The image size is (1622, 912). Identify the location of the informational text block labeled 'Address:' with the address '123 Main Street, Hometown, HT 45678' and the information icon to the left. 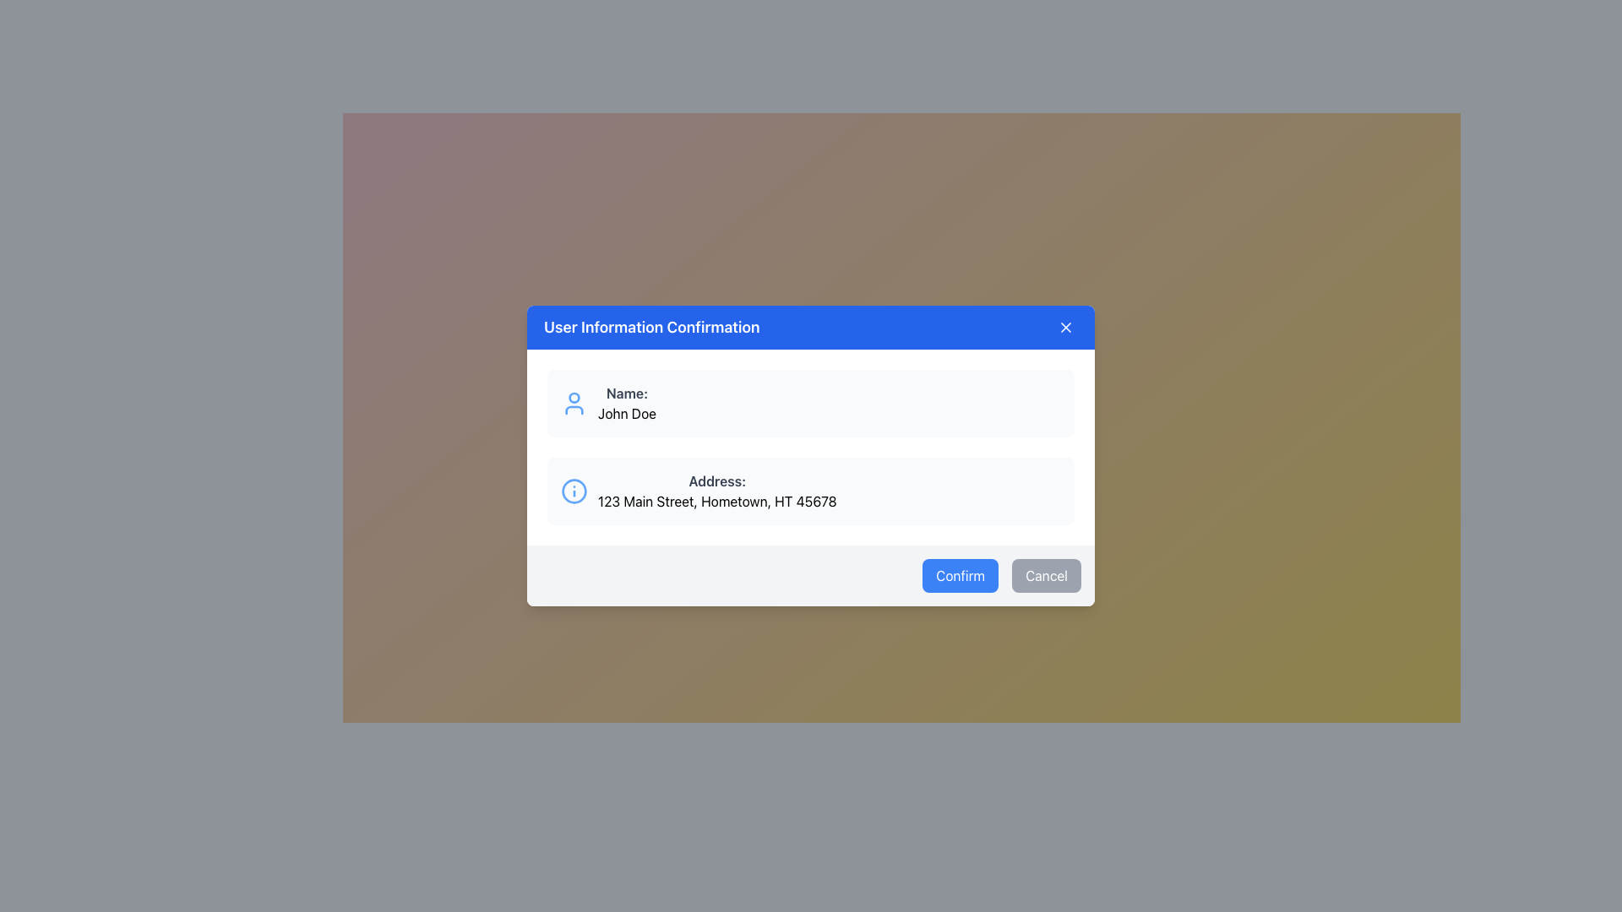
(811, 491).